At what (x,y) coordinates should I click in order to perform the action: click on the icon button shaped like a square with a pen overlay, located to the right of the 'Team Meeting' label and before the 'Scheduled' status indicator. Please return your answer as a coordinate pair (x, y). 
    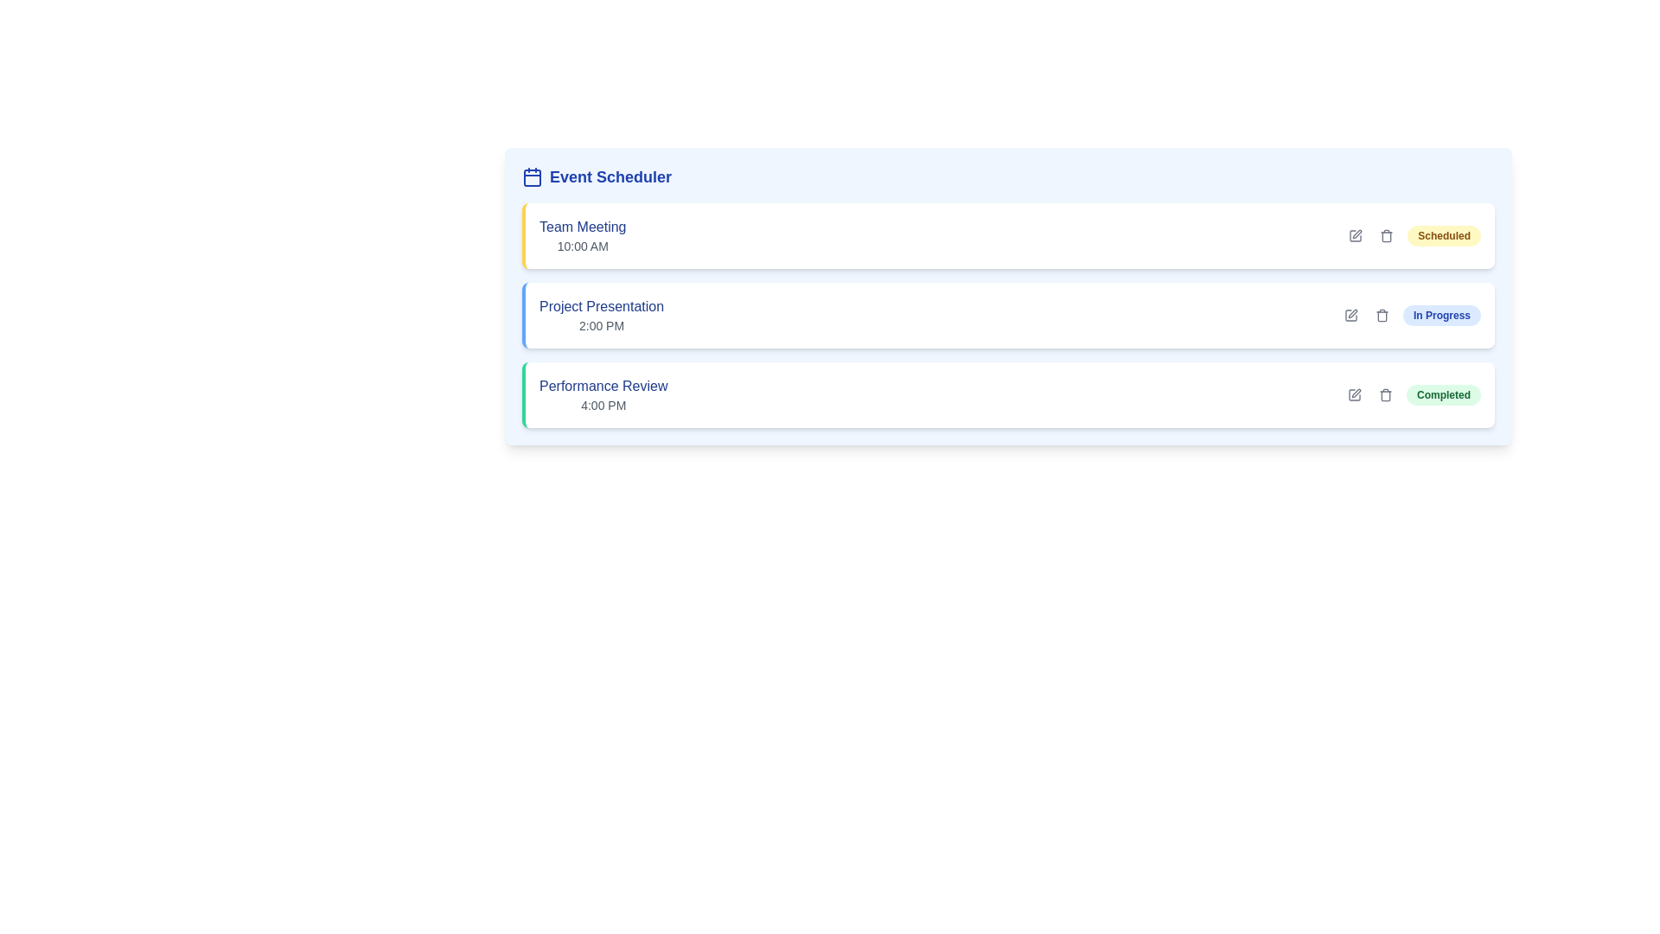
    Looking at the image, I should click on (1355, 236).